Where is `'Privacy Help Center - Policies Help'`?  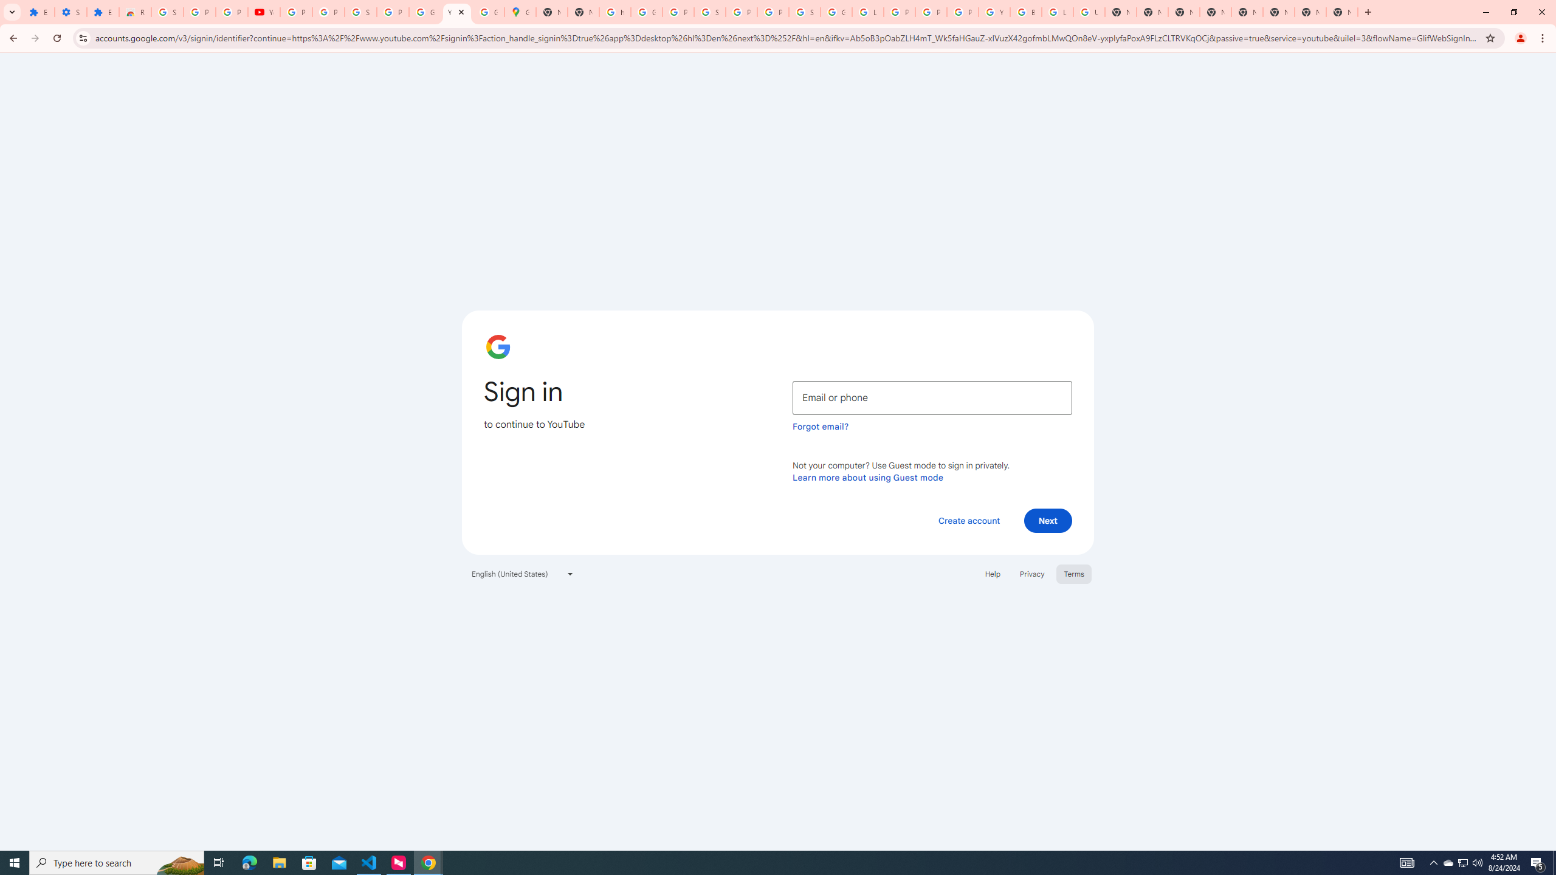 'Privacy Help Center - Policies Help' is located at coordinates (931, 12).